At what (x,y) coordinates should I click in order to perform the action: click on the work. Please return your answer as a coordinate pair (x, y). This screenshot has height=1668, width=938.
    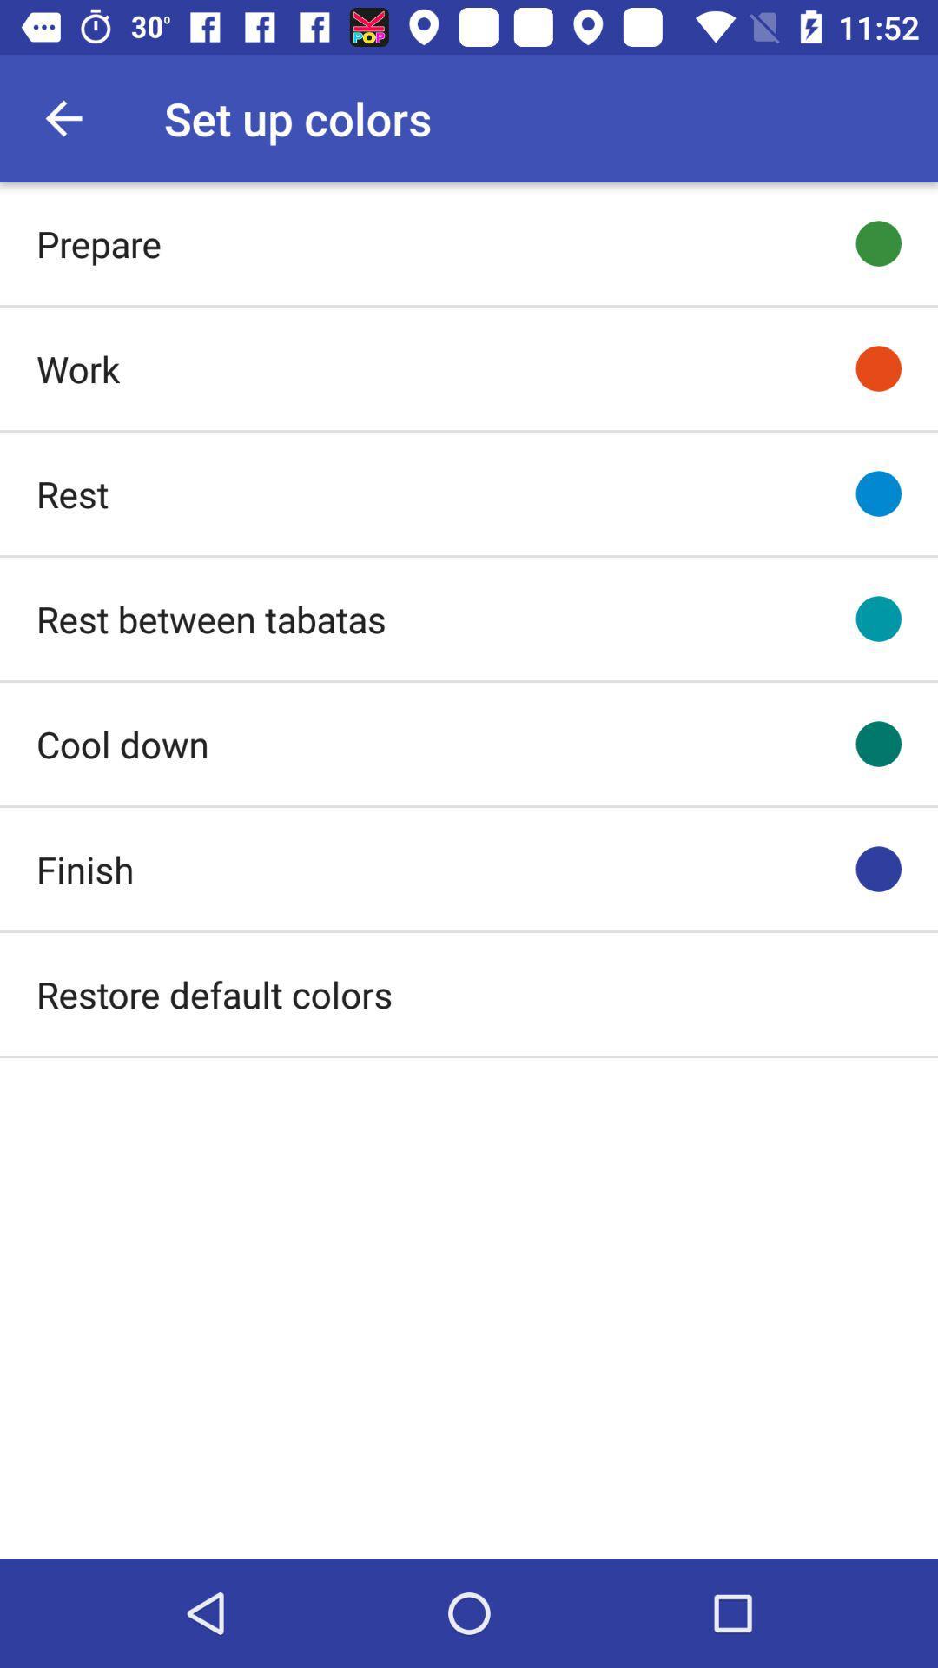
    Looking at the image, I should click on (76, 367).